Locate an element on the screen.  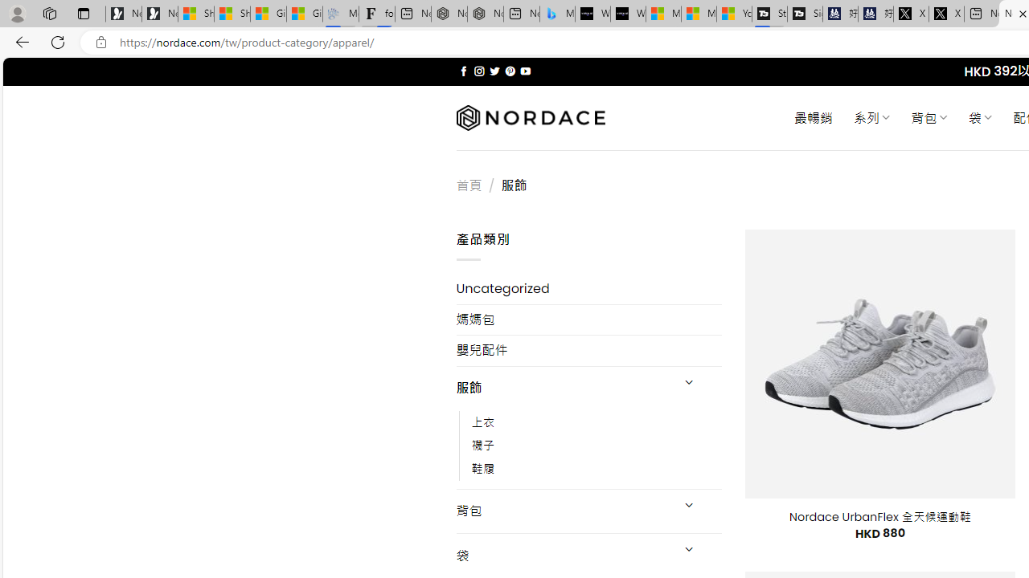
'Follow on Twitter' is located at coordinates (494, 71).